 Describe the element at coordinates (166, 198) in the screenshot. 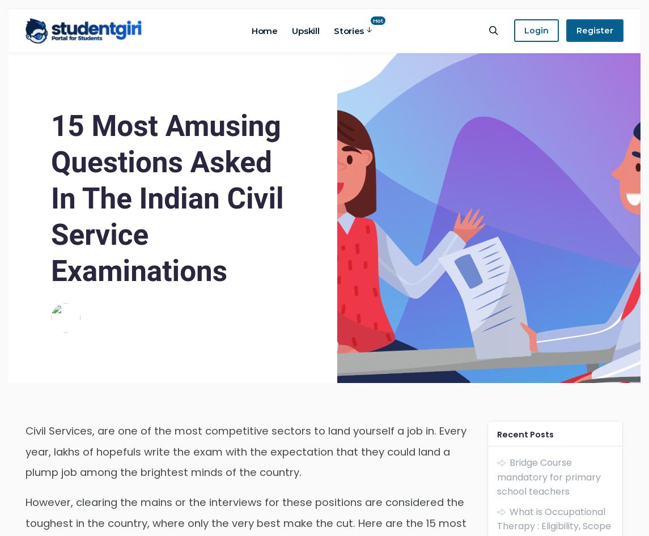

I see `'15 Most Amusing Questions Asked In The Indian Civil Service Examinations'` at that location.